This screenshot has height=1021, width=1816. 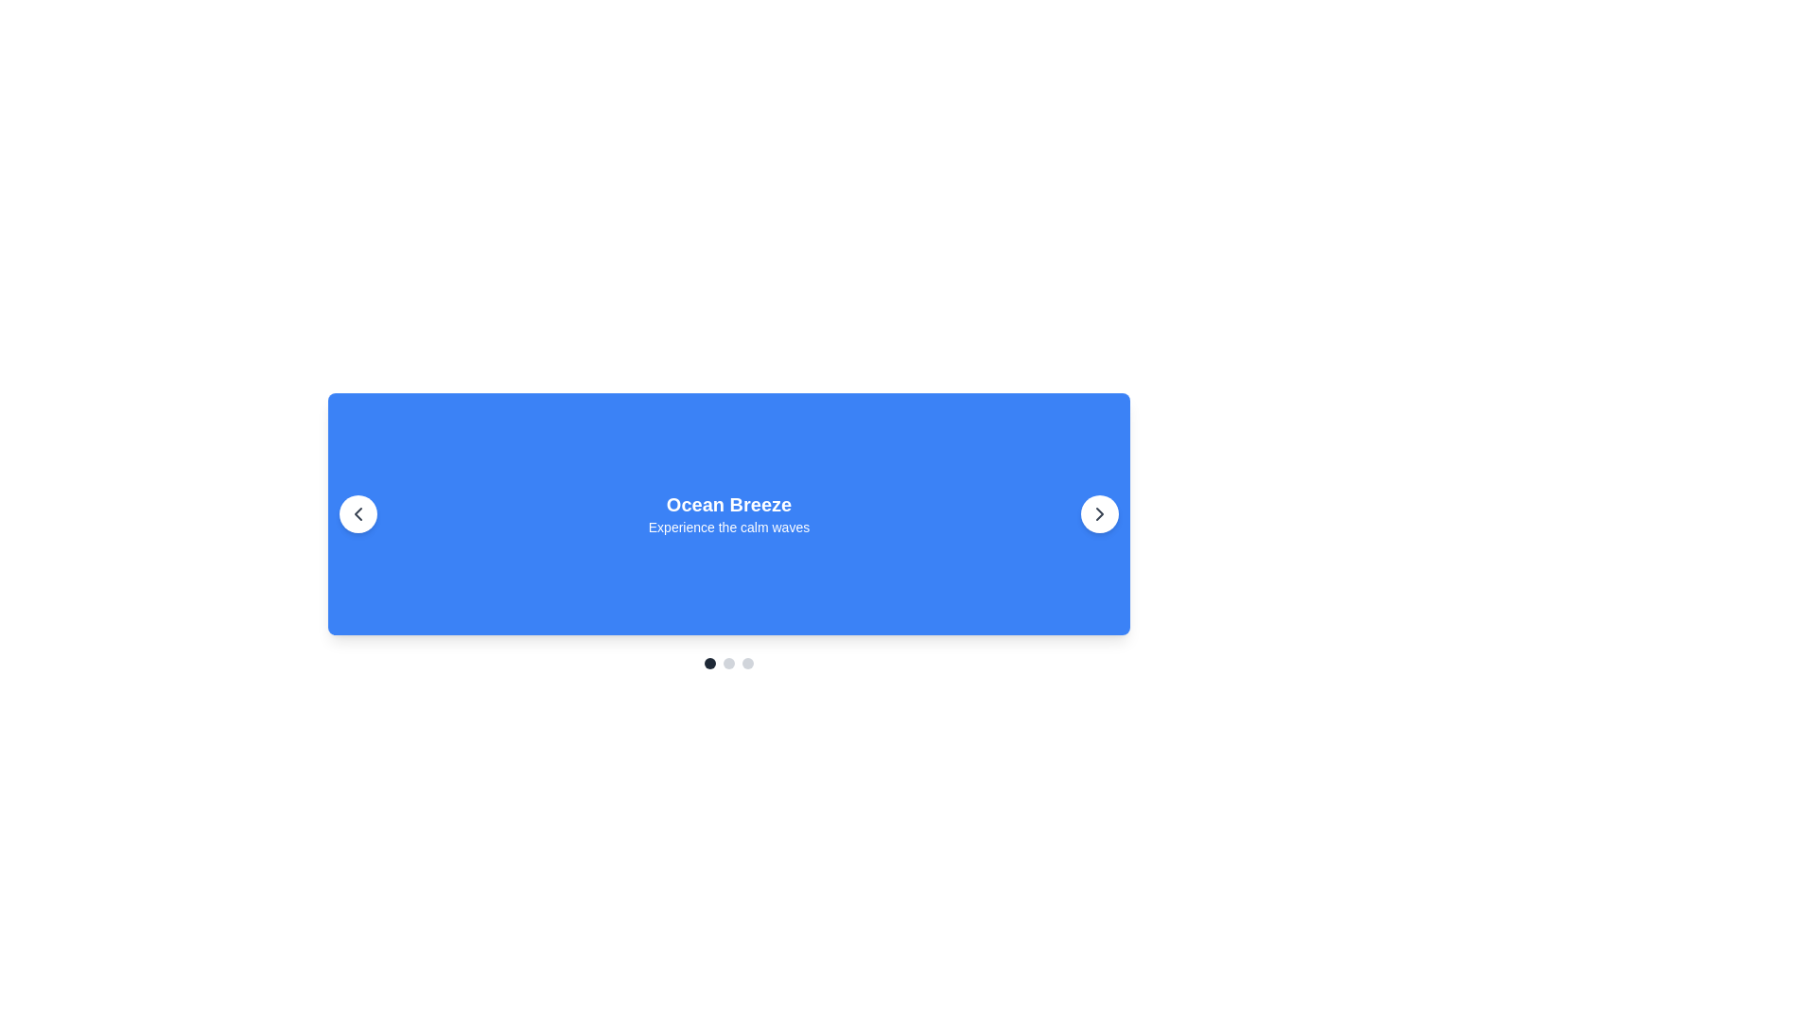 What do you see at coordinates (1099, 513) in the screenshot?
I see `the right-facing chevron icon for navigation, which is styled with a dark gray stroke design and is located within a white circular background towards the right edge of the blue rectangular section` at bounding box center [1099, 513].